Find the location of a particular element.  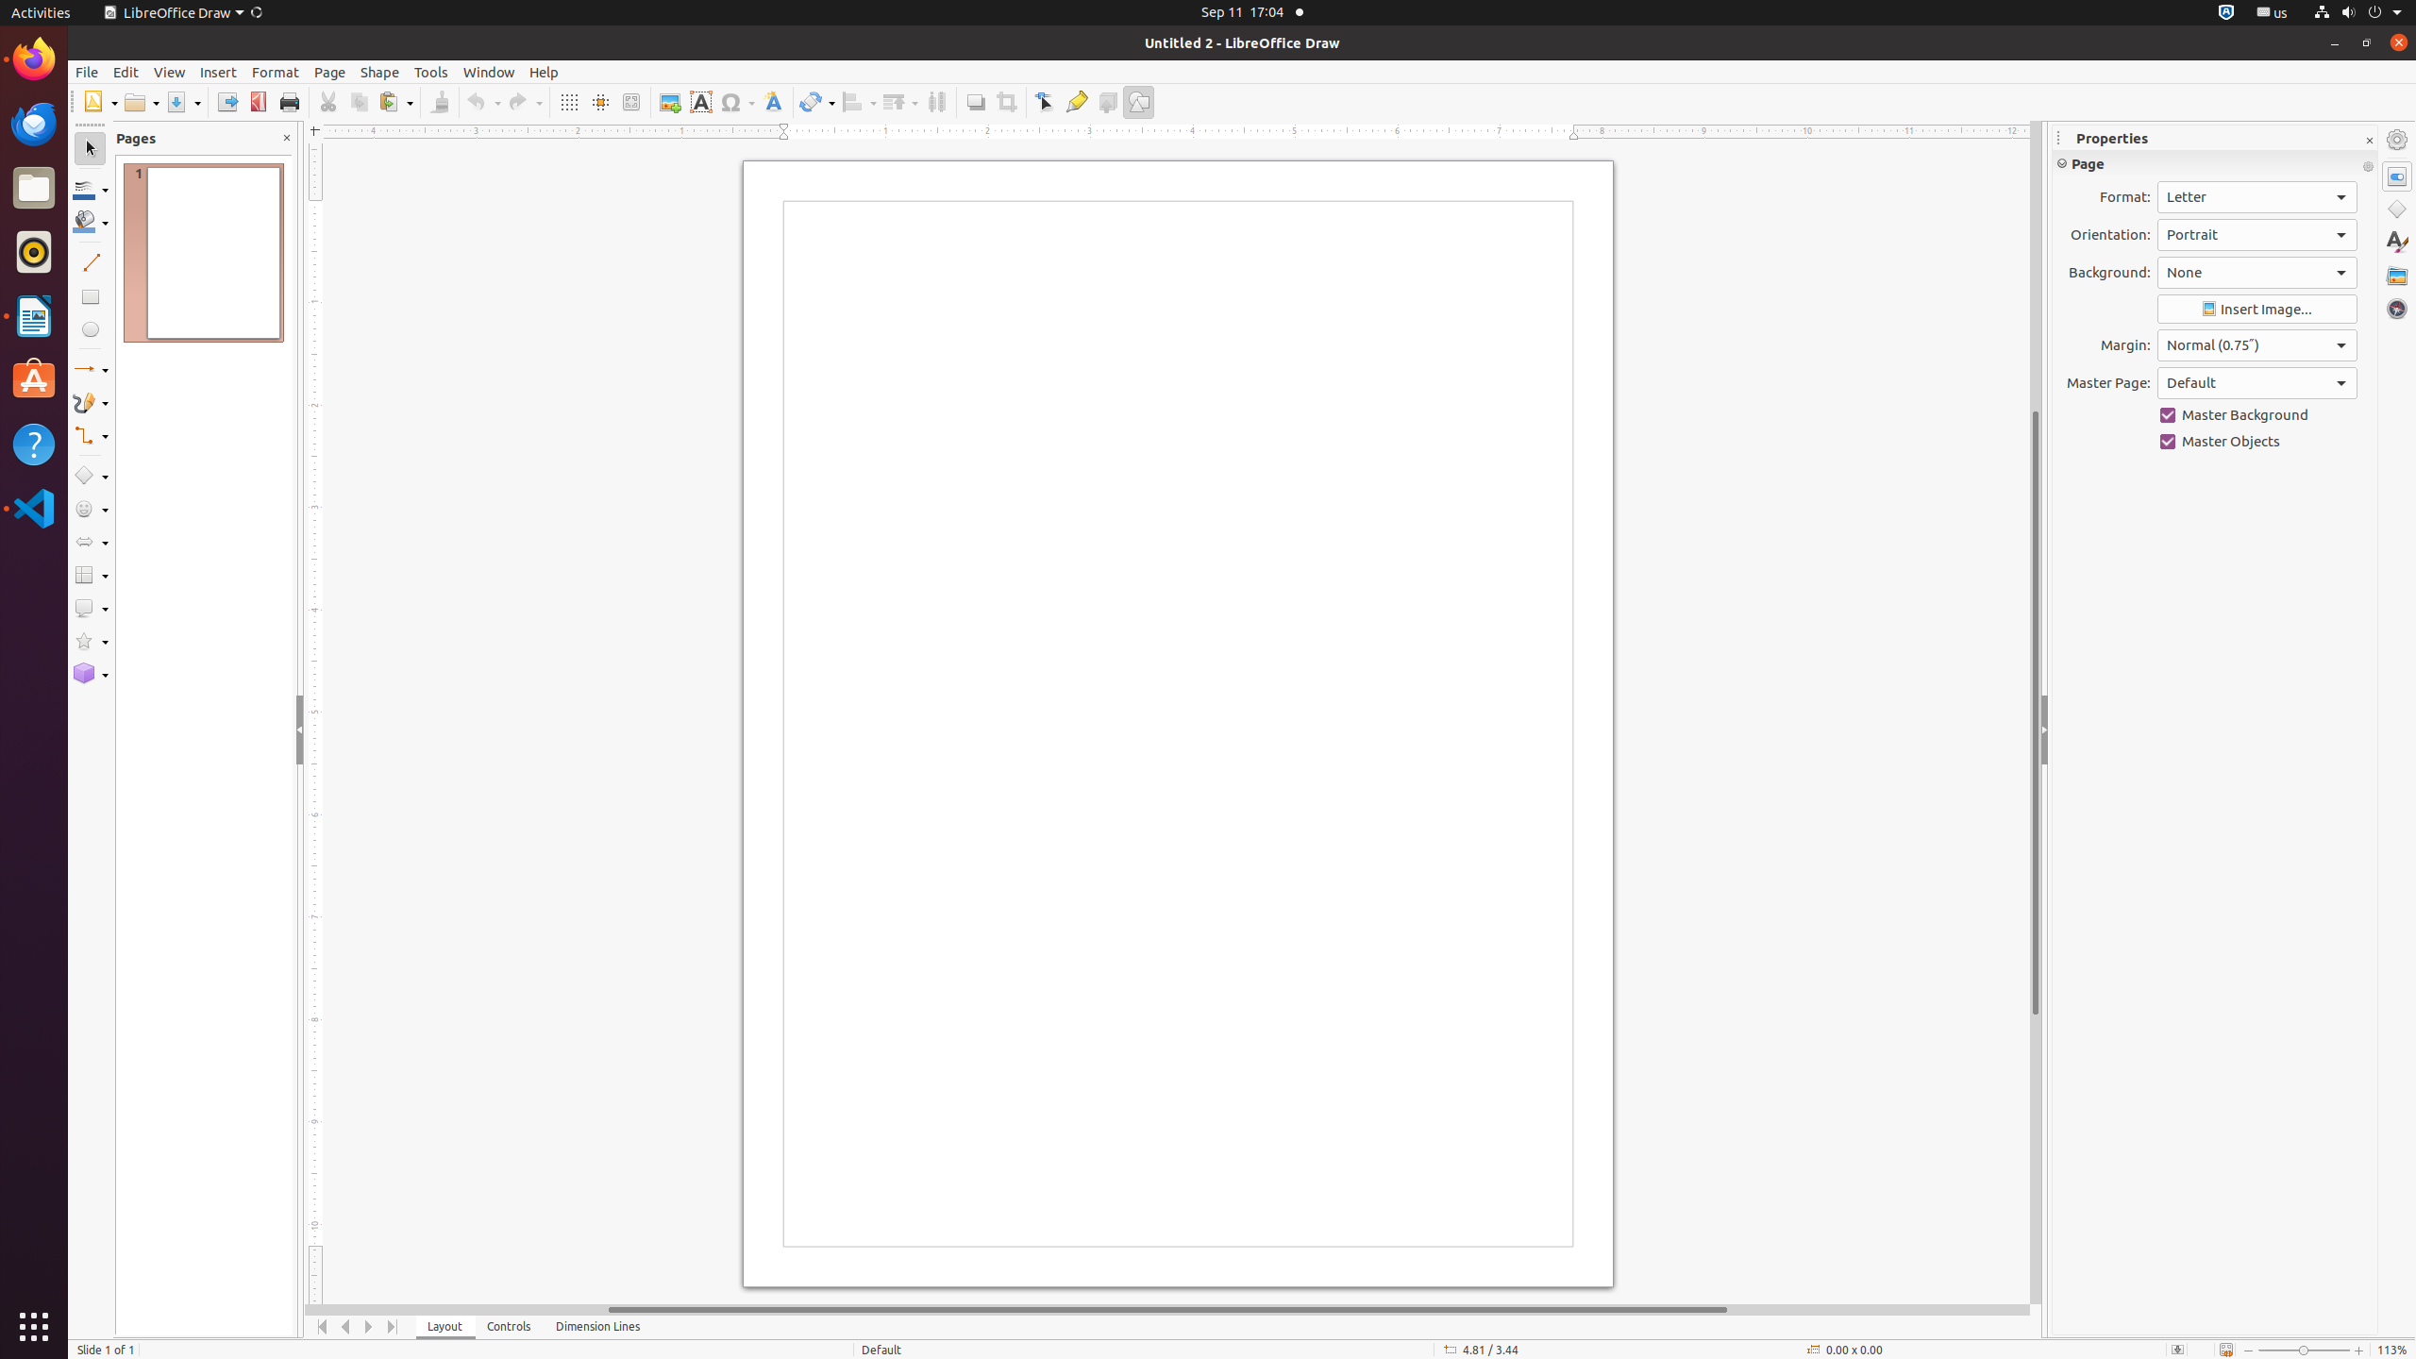

'Draw Functions' is located at coordinates (1138, 101).